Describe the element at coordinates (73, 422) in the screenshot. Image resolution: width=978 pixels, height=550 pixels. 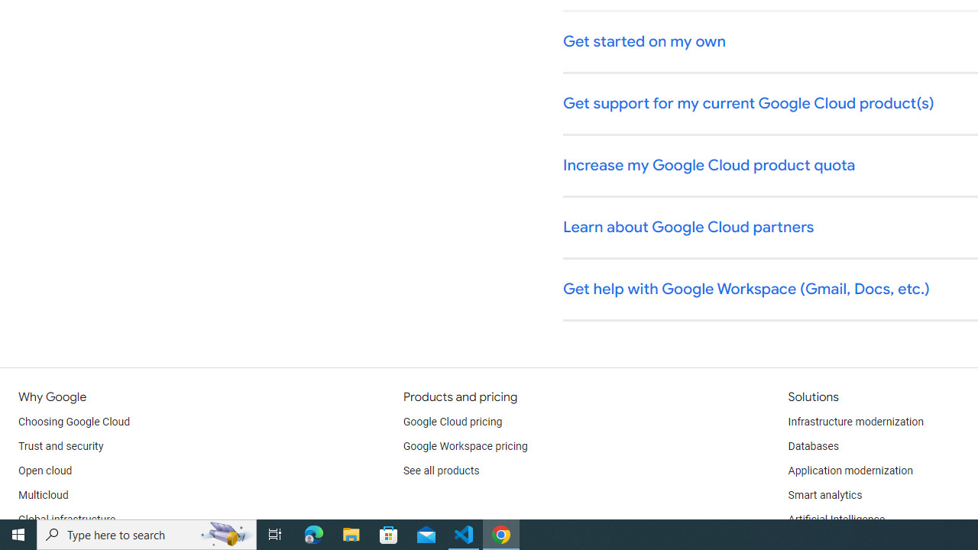
I see `'Choosing Google Cloud'` at that location.